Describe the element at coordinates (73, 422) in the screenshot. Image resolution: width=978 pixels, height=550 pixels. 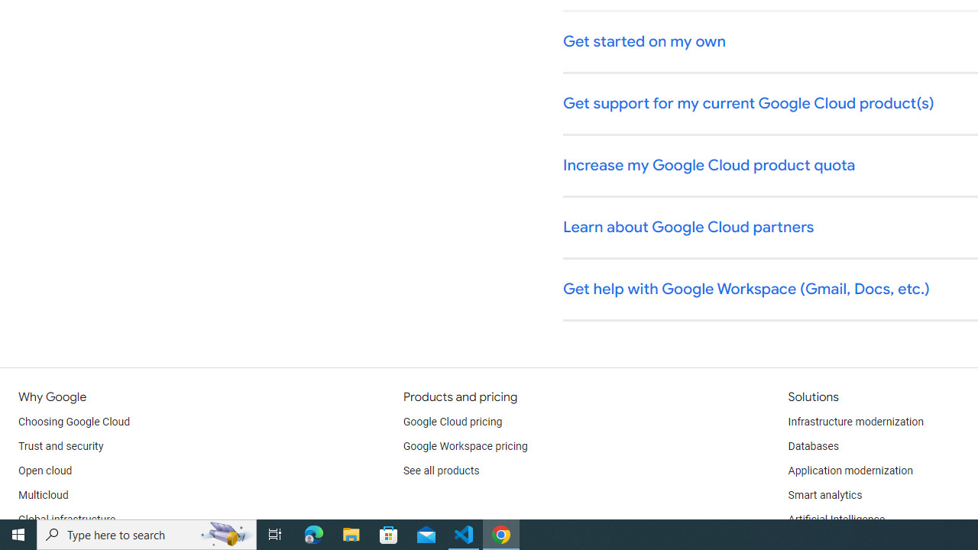
I see `'Choosing Google Cloud'` at that location.